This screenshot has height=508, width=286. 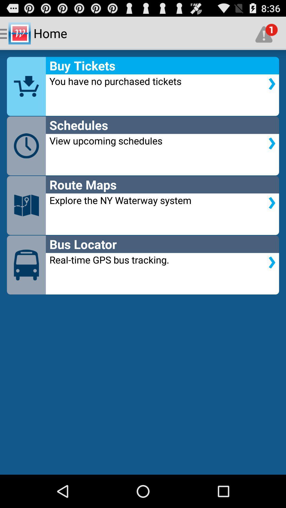 What do you see at coordinates (266, 33) in the screenshot?
I see `the item next to home icon` at bounding box center [266, 33].